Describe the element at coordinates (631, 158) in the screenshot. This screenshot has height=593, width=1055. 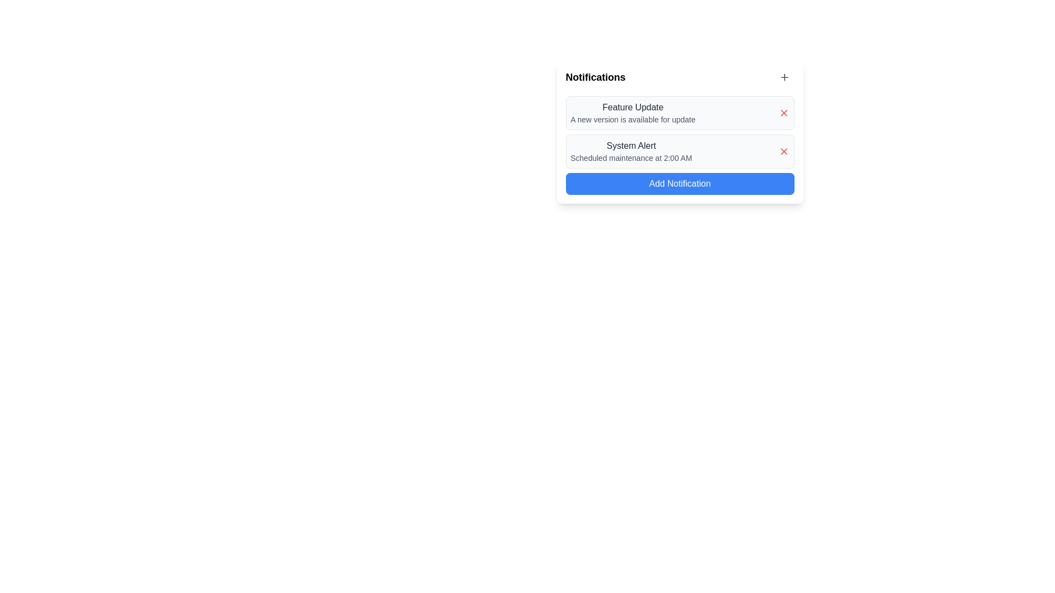
I see `the text label providing additional information about the 'System Alert' located at the bottom of the Notifications card` at that location.